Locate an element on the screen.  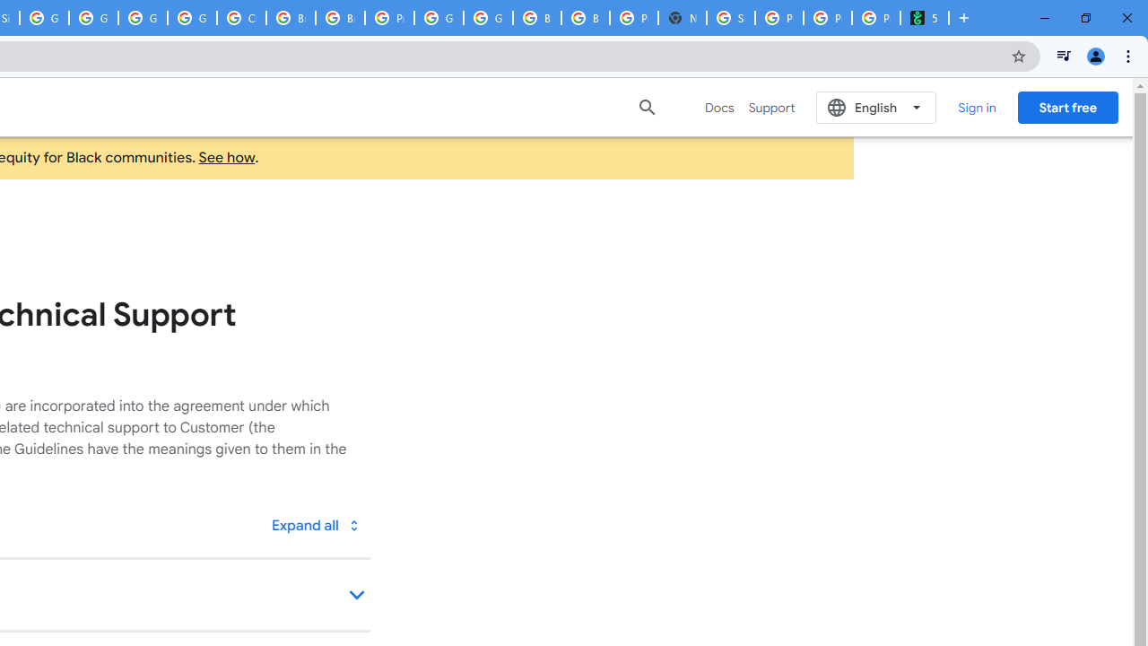
'Toggle all' is located at coordinates (315, 525).